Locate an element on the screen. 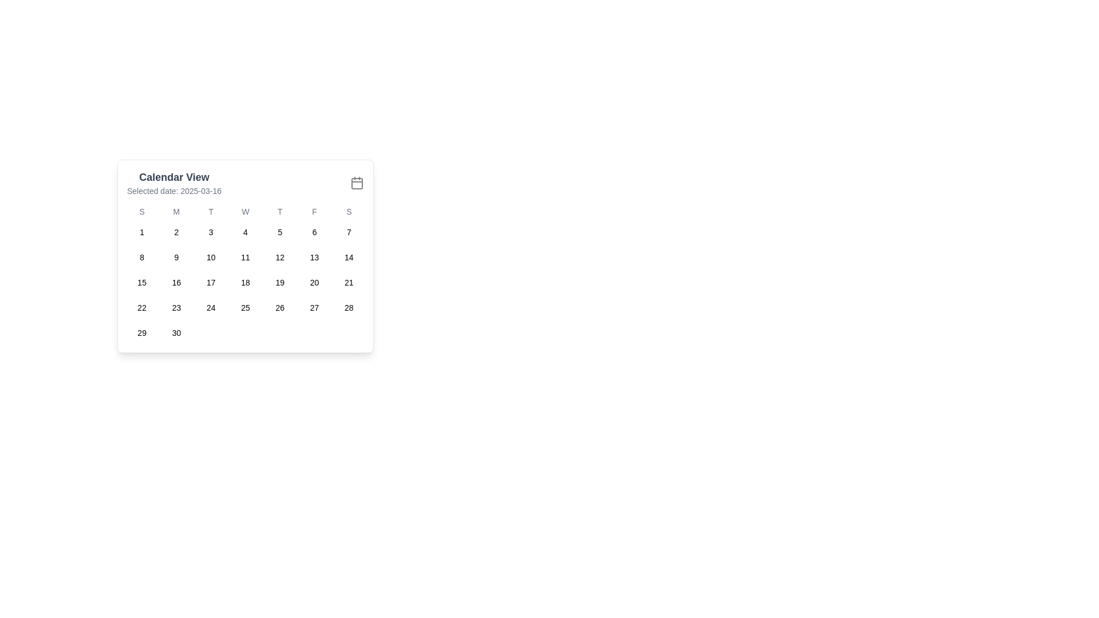 The width and height of the screenshot is (1099, 618). text 'M' from the Text Label representing 'Monday', which is the second element in the horizontal sequence of days of the week in the calendar view is located at coordinates (176, 212).